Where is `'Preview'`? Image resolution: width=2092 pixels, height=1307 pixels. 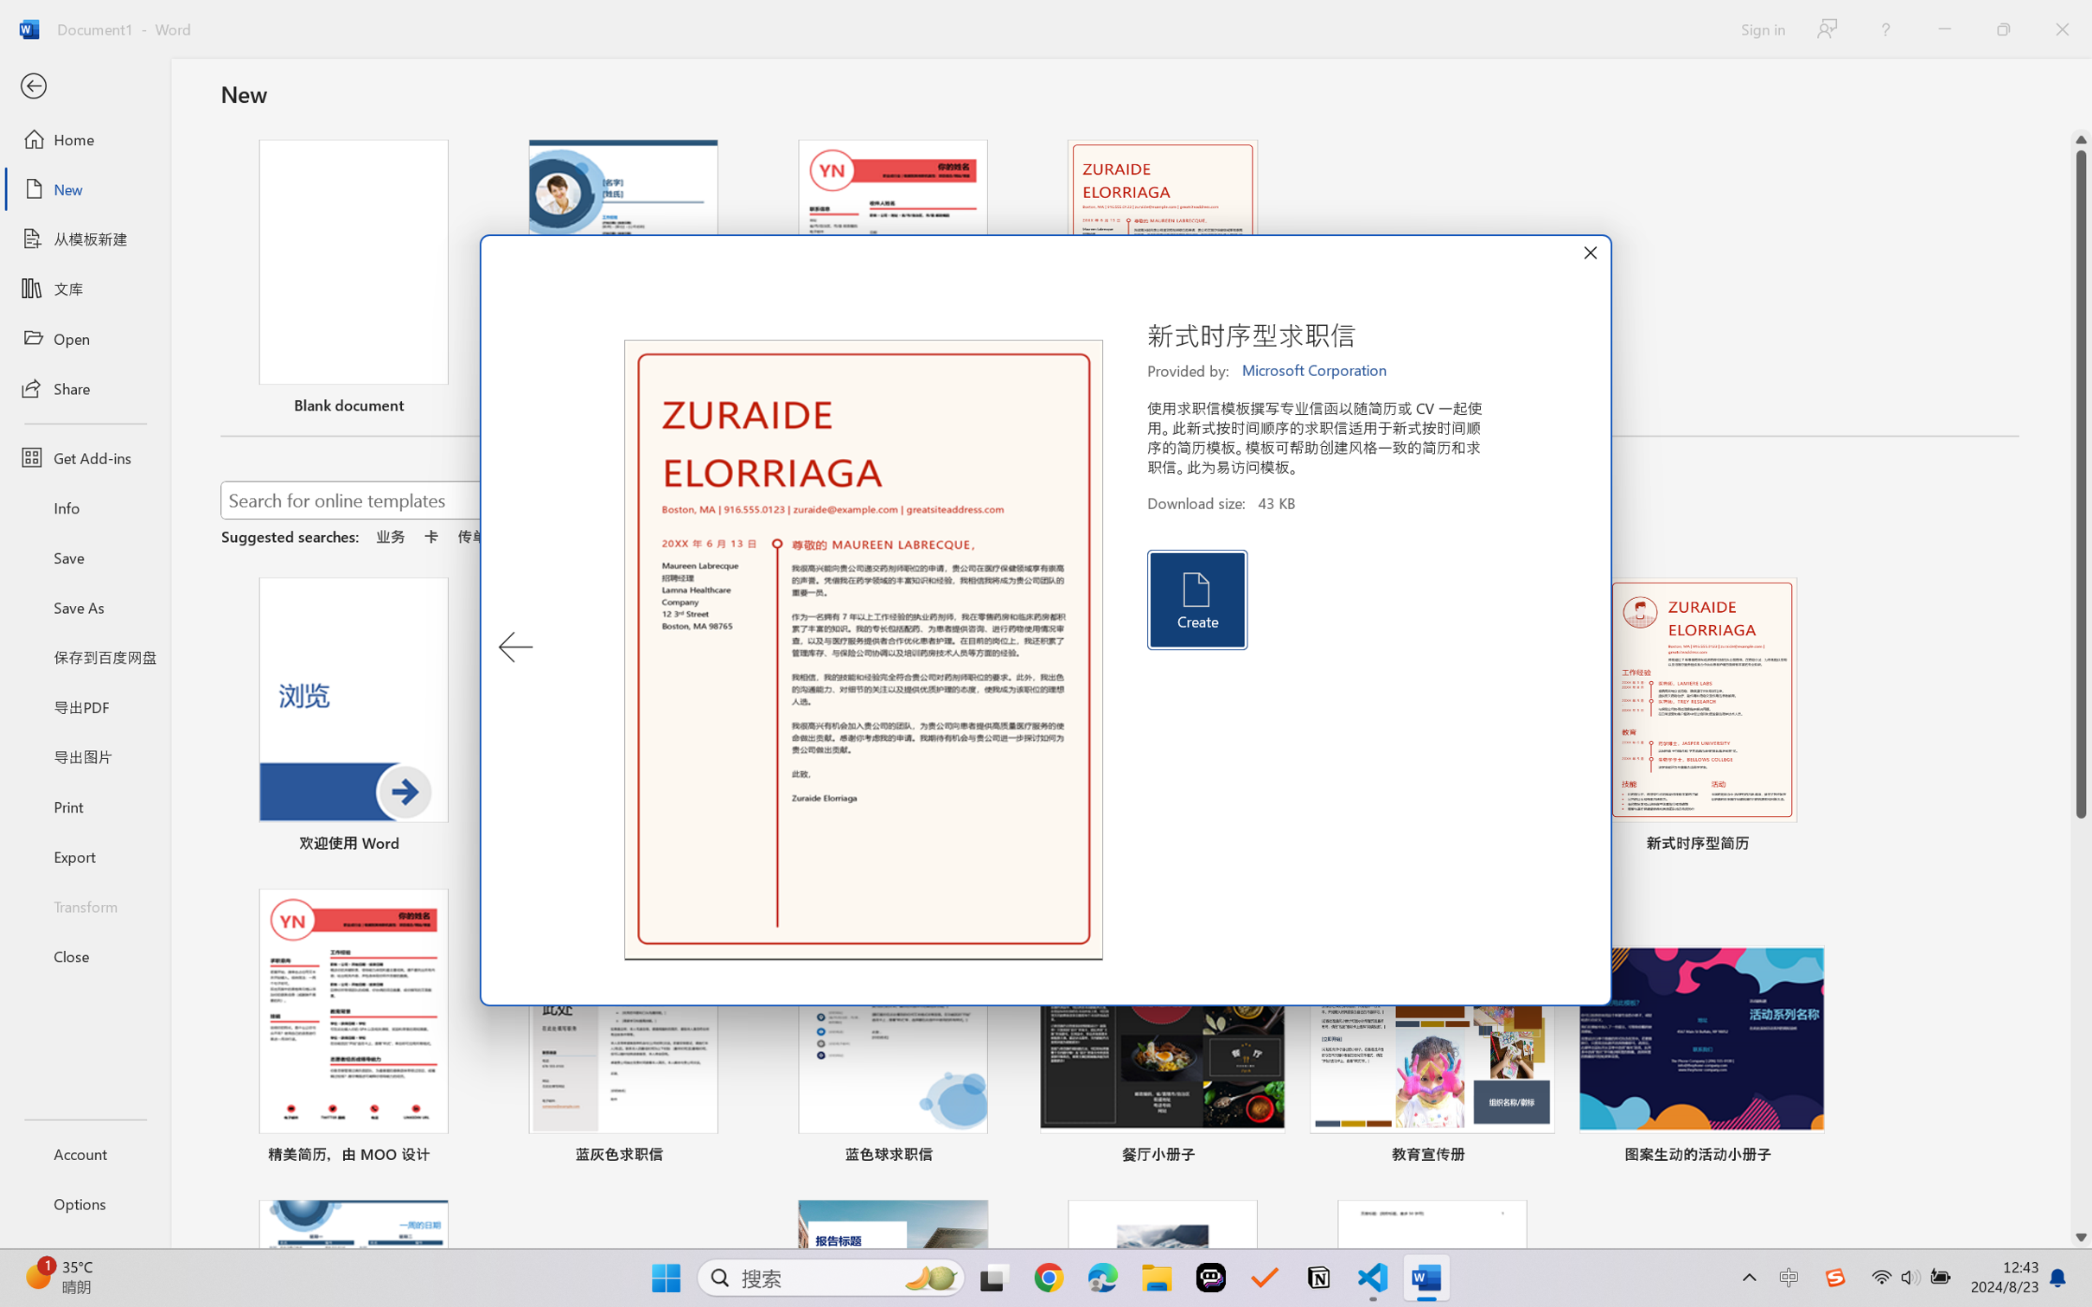
'Preview' is located at coordinates (863, 650).